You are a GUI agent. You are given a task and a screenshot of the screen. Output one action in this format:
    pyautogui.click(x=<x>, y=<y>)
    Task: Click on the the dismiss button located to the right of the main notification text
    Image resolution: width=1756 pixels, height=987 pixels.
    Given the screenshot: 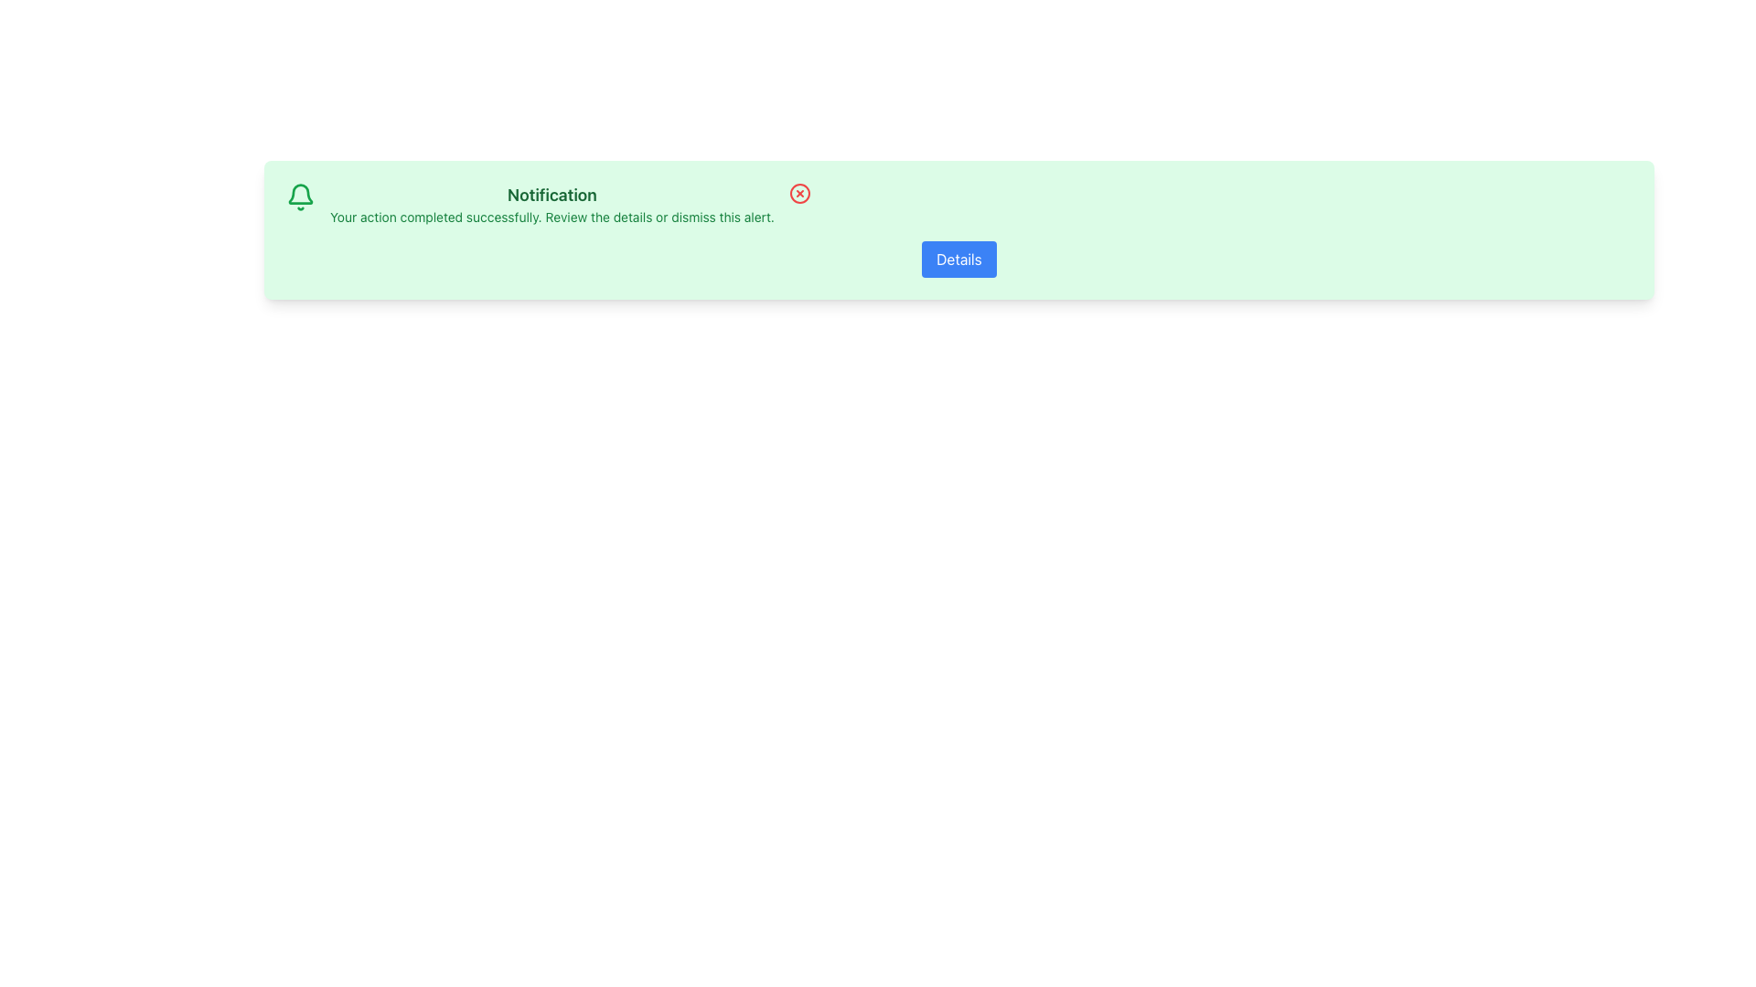 What is the action you would take?
    pyautogui.click(x=799, y=194)
    